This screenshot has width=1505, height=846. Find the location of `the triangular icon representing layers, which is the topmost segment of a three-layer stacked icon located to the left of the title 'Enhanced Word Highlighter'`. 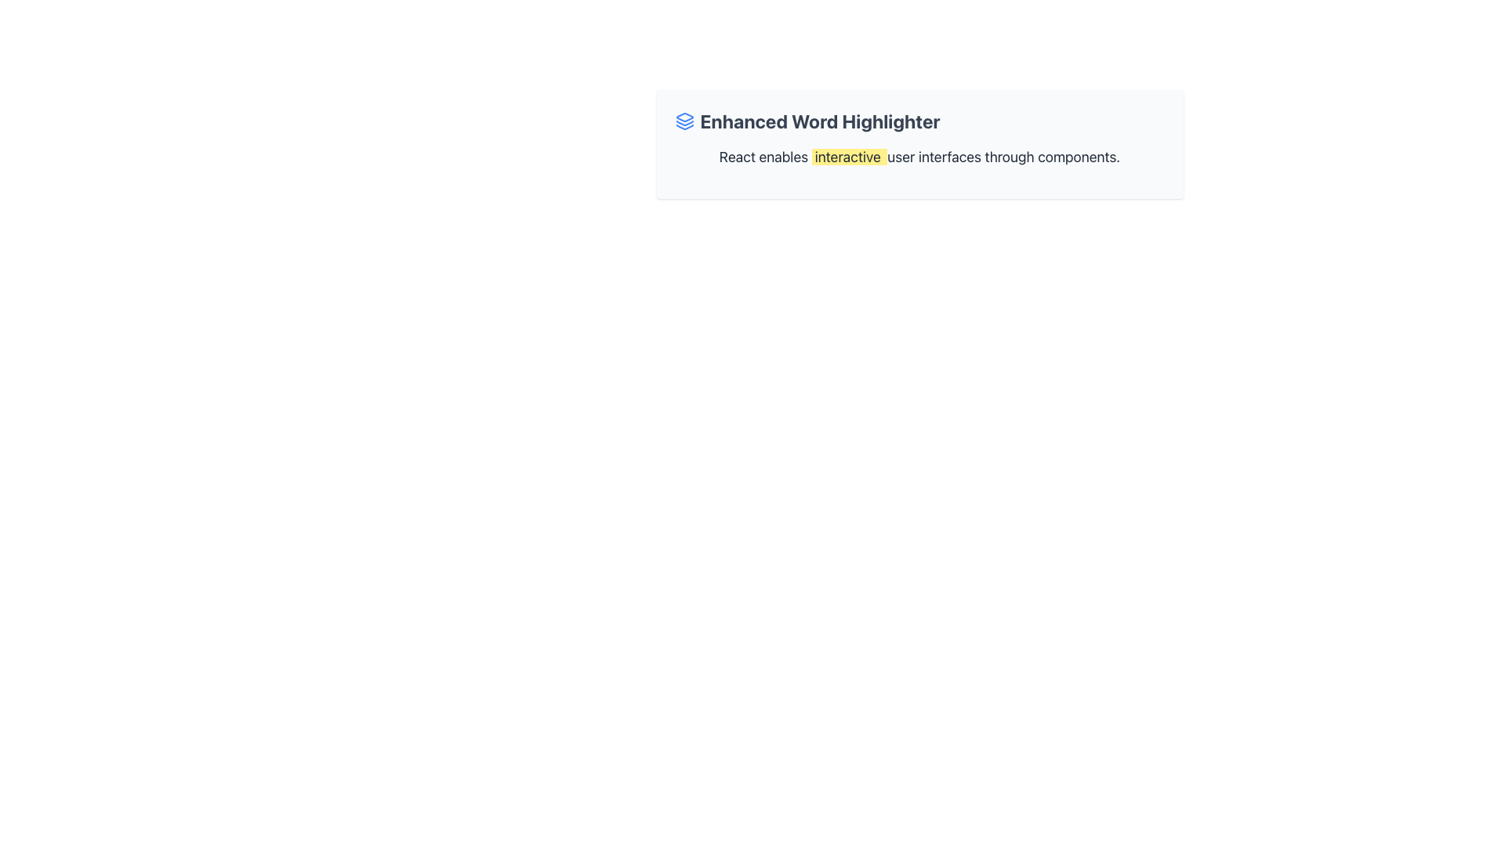

the triangular icon representing layers, which is the topmost segment of a three-layer stacked icon located to the left of the title 'Enhanced Word Highlighter' is located at coordinates (684, 117).